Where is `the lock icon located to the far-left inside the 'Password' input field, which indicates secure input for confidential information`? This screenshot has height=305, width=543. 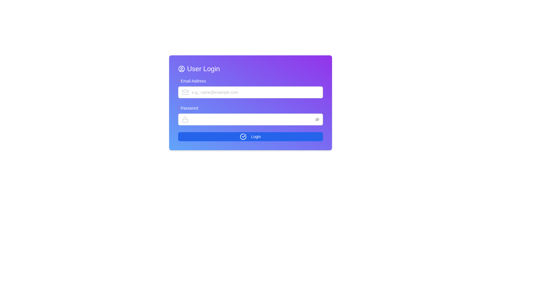
the lock icon located to the far-left inside the 'Password' input field, which indicates secure input for confidential information is located at coordinates (185, 119).